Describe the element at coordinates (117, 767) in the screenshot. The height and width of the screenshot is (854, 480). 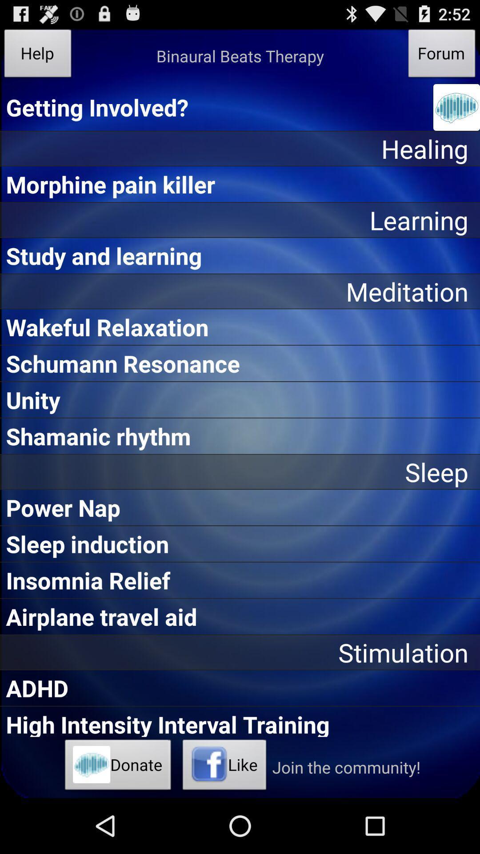
I see `donate item` at that location.